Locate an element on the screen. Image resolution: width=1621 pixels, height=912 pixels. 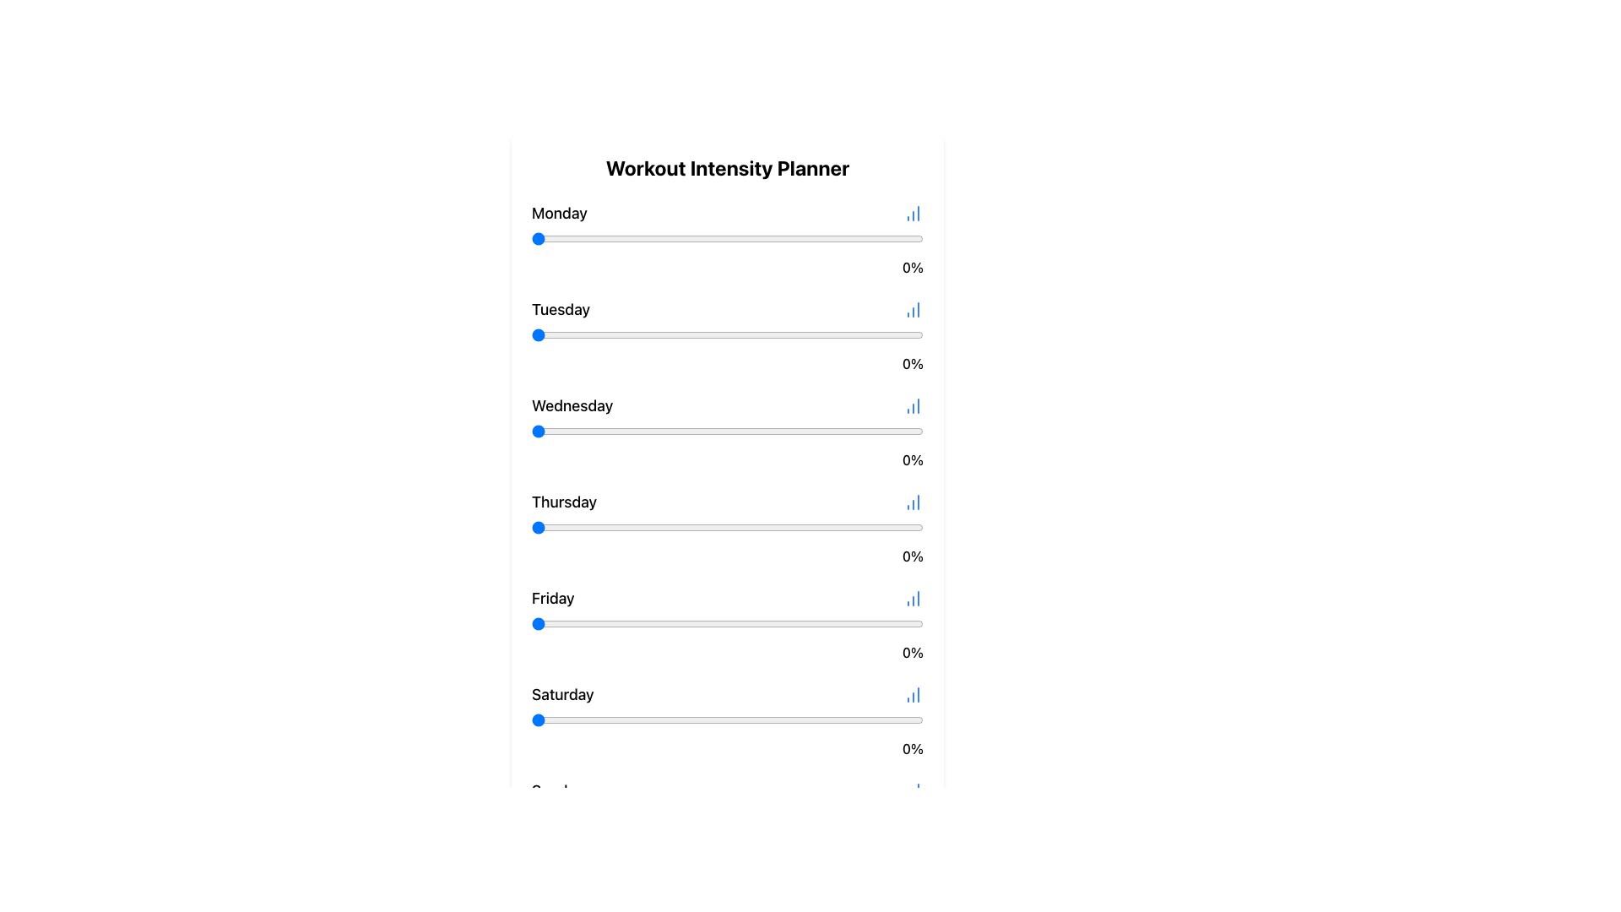
the text label indicating 'Tuesday' in the weekly schedule, which is positioned between 'Monday' and 'Wednesday' is located at coordinates (561, 309).